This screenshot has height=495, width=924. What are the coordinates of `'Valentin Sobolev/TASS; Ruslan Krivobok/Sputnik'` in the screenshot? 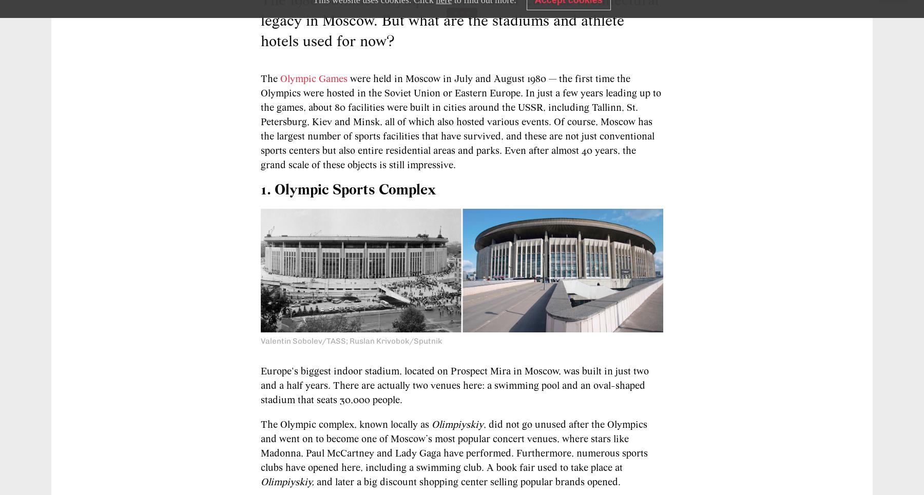 It's located at (351, 341).